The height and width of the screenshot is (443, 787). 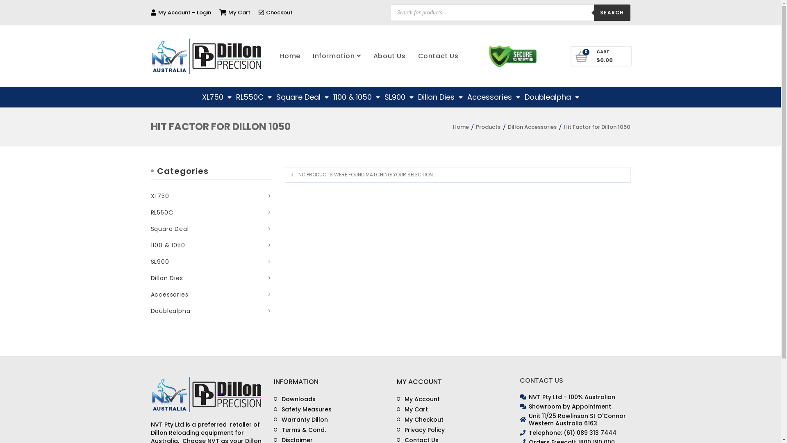 What do you see at coordinates (273, 420) in the screenshot?
I see `'Warranty Dillon'` at bounding box center [273, 420].